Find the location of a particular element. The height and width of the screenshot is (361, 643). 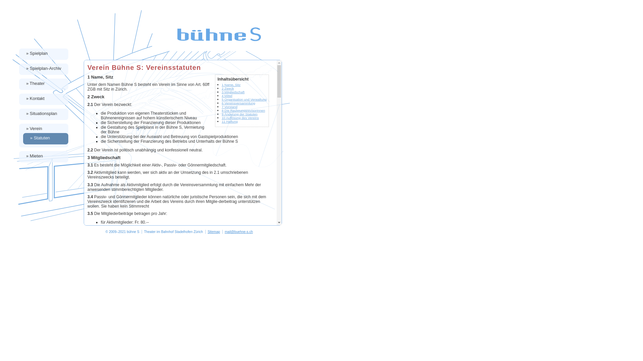

'Sitemap' is located at coordinates (213, 231).